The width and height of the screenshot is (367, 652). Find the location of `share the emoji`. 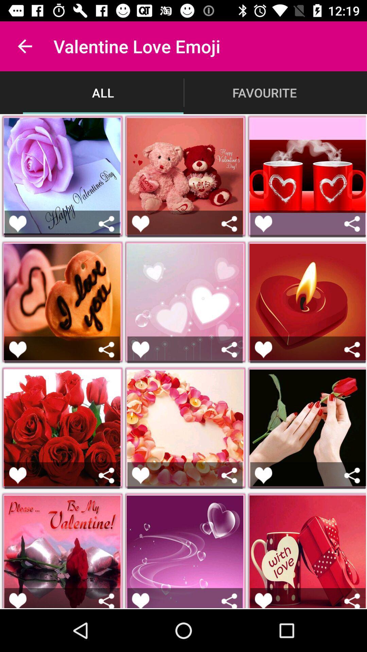

share the emoji is located at coordinates (106, 475).